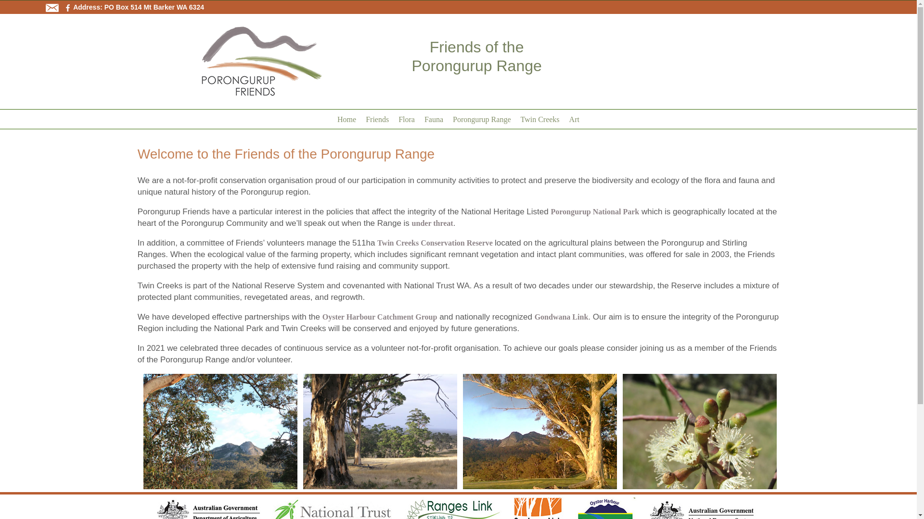 The image size is (924, 519). I want to click on 'Porongurup Range', so click(482, 118).